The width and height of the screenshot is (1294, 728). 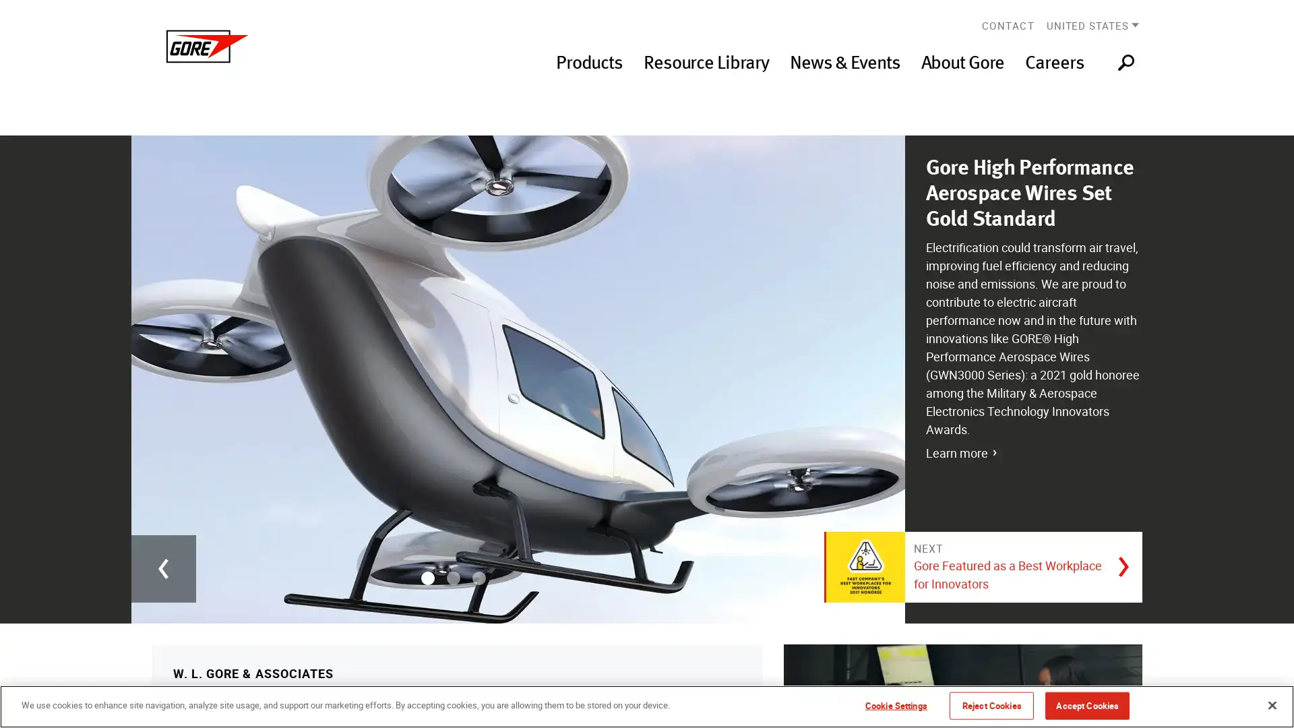 I want to click on GO TO SLIDE 2, so click(x=453, y=576).